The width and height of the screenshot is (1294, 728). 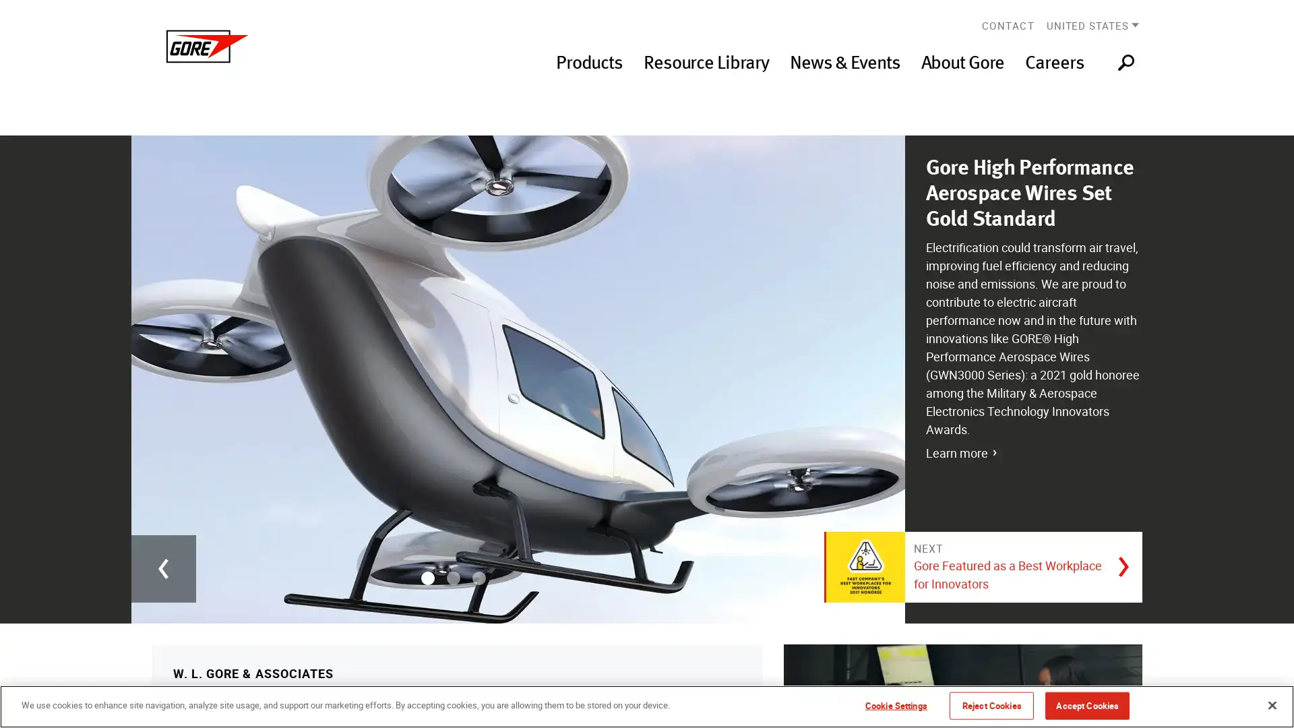 I want to click on GO TO SLIDE 2, so click(x=453, y=576).